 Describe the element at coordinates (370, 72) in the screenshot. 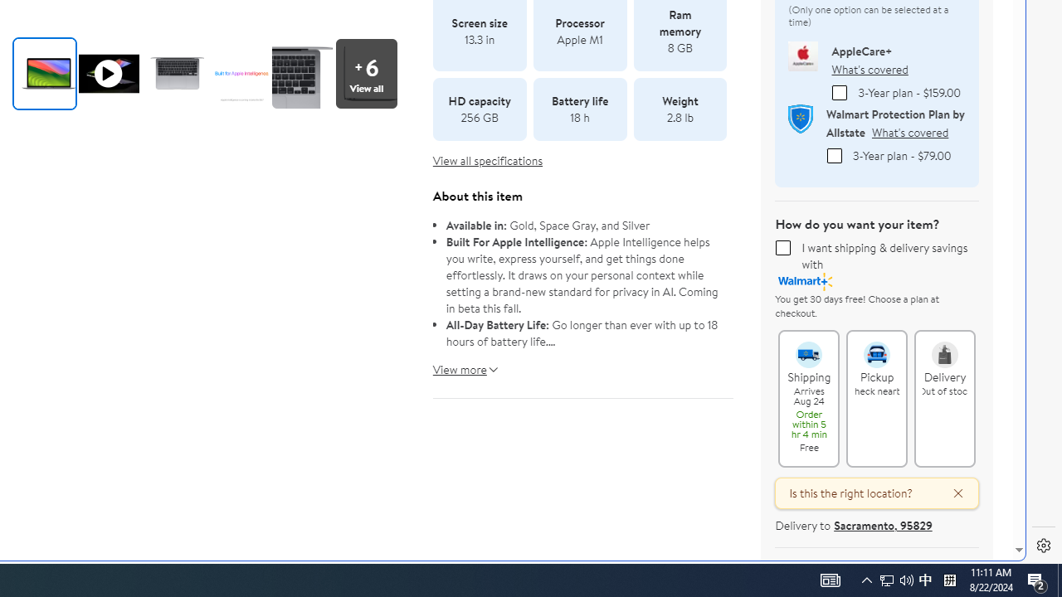

I see `'View all media'` at that location.